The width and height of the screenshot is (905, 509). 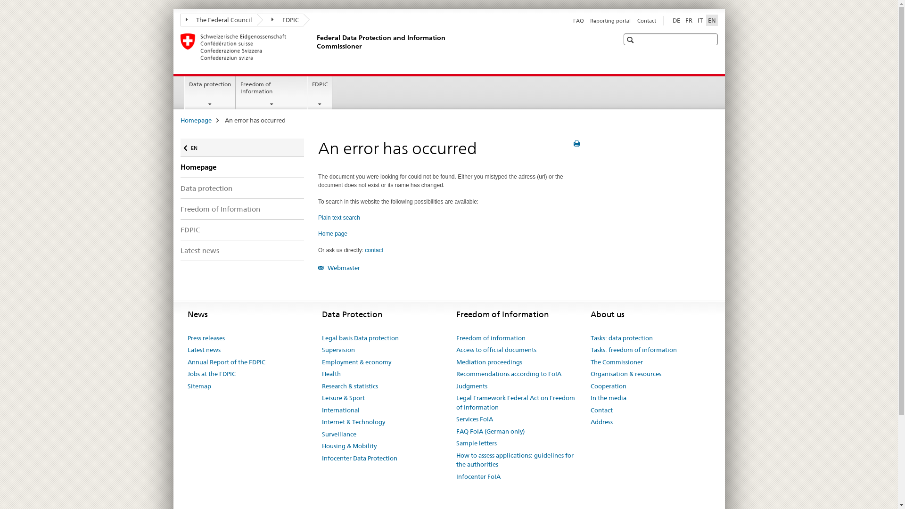 I want to click on 'contact', so click(x=373, y=250).